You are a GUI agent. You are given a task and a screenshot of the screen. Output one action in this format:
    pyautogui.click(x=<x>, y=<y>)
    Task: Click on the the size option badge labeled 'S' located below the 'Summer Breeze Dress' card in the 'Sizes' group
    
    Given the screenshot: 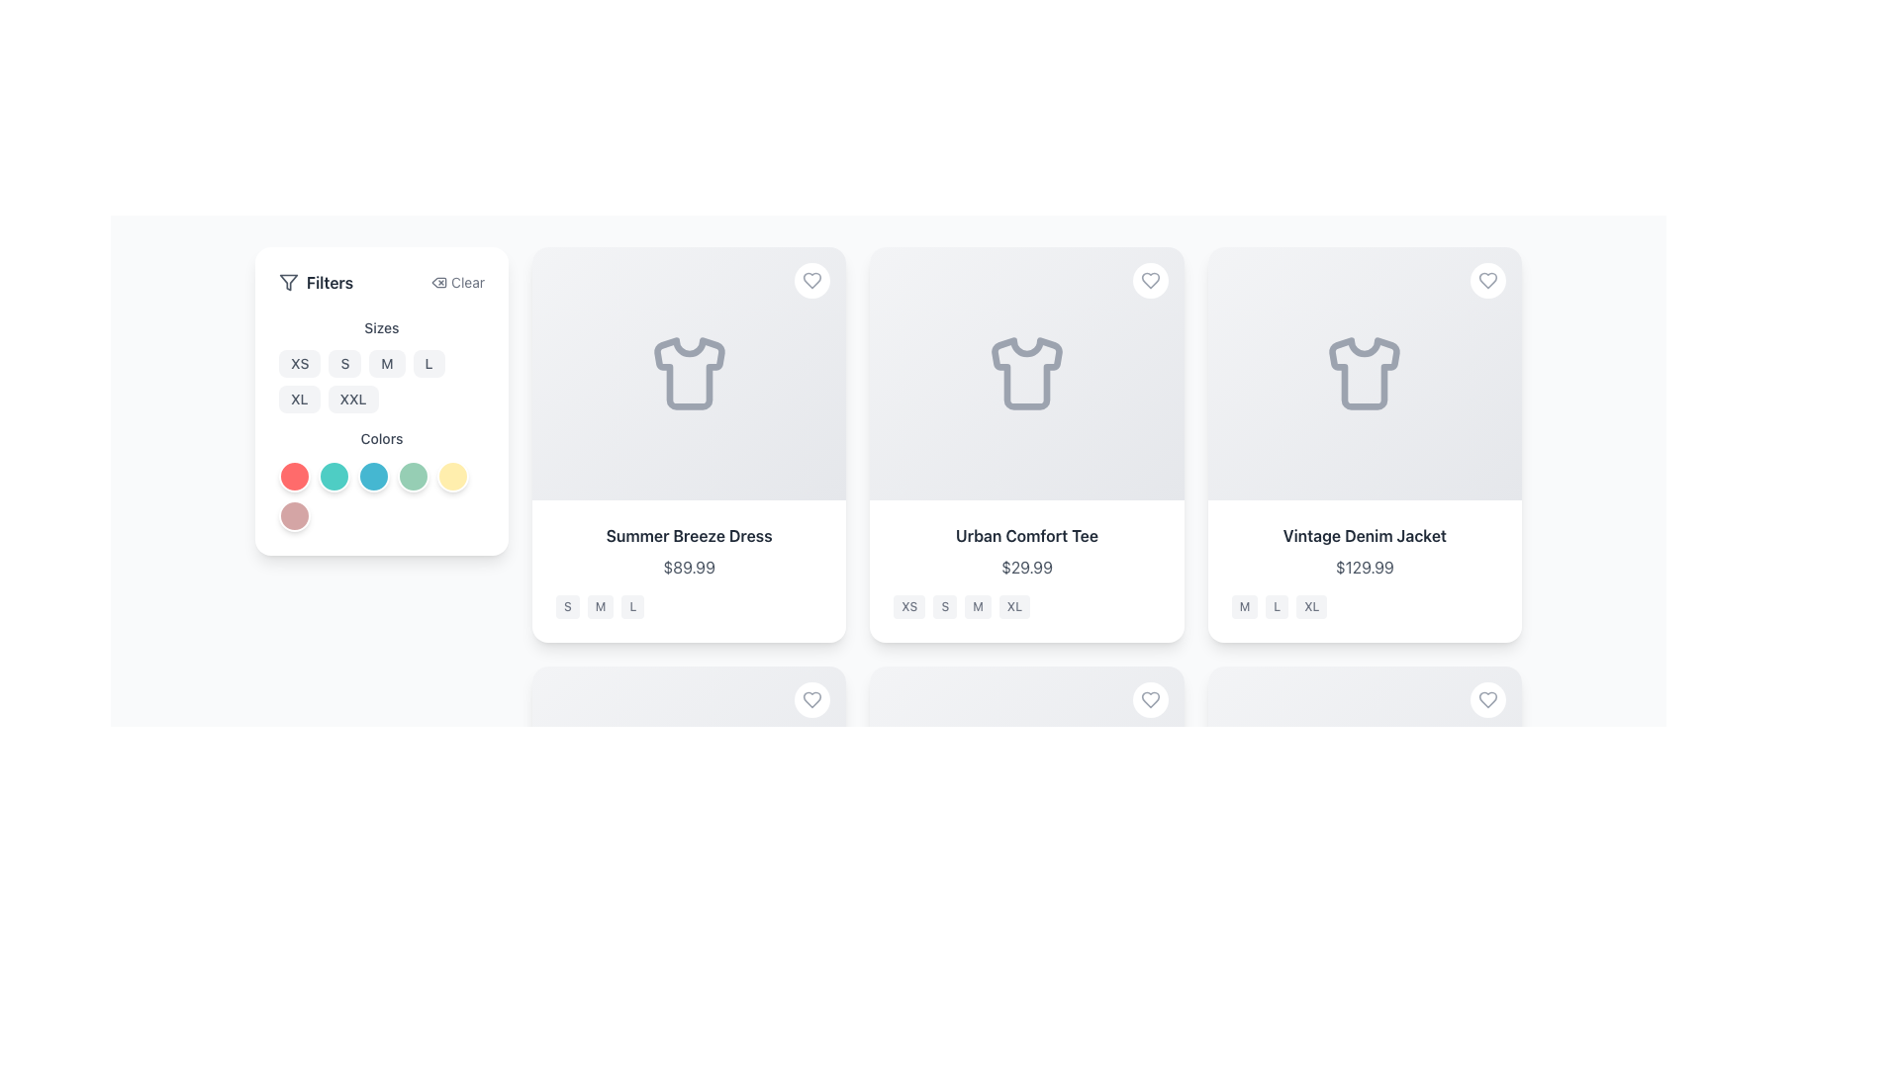 What is the action you would take?
    pyautogui.click(x=566, y=605)
    